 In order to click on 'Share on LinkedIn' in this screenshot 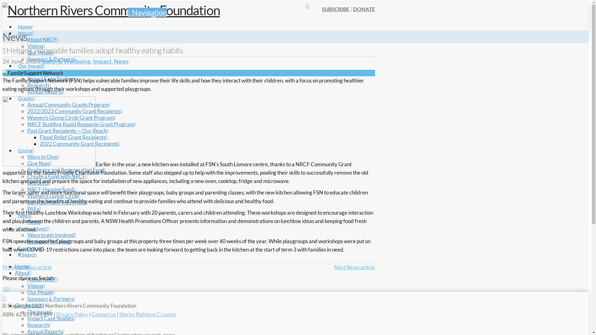, I will do `click(7, 288)`.